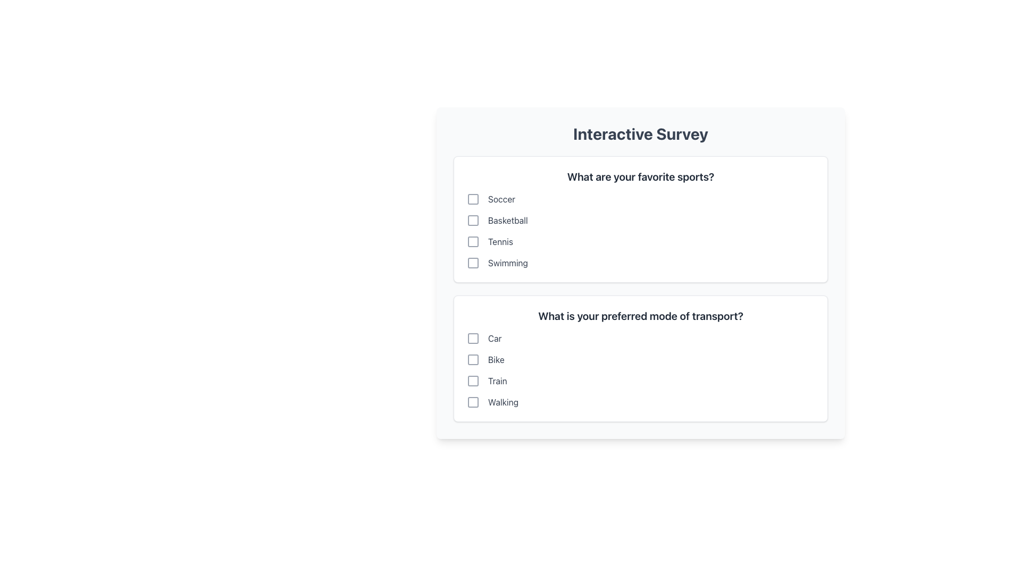 The height and width of the screenshot is (574, 1021). Describe the element at coordinates (472, 402) in the screenshot. I see `on the 'Walking' checkbox, which is the first component in the group under the question 'What is your preferred mode of transport'` at that location.